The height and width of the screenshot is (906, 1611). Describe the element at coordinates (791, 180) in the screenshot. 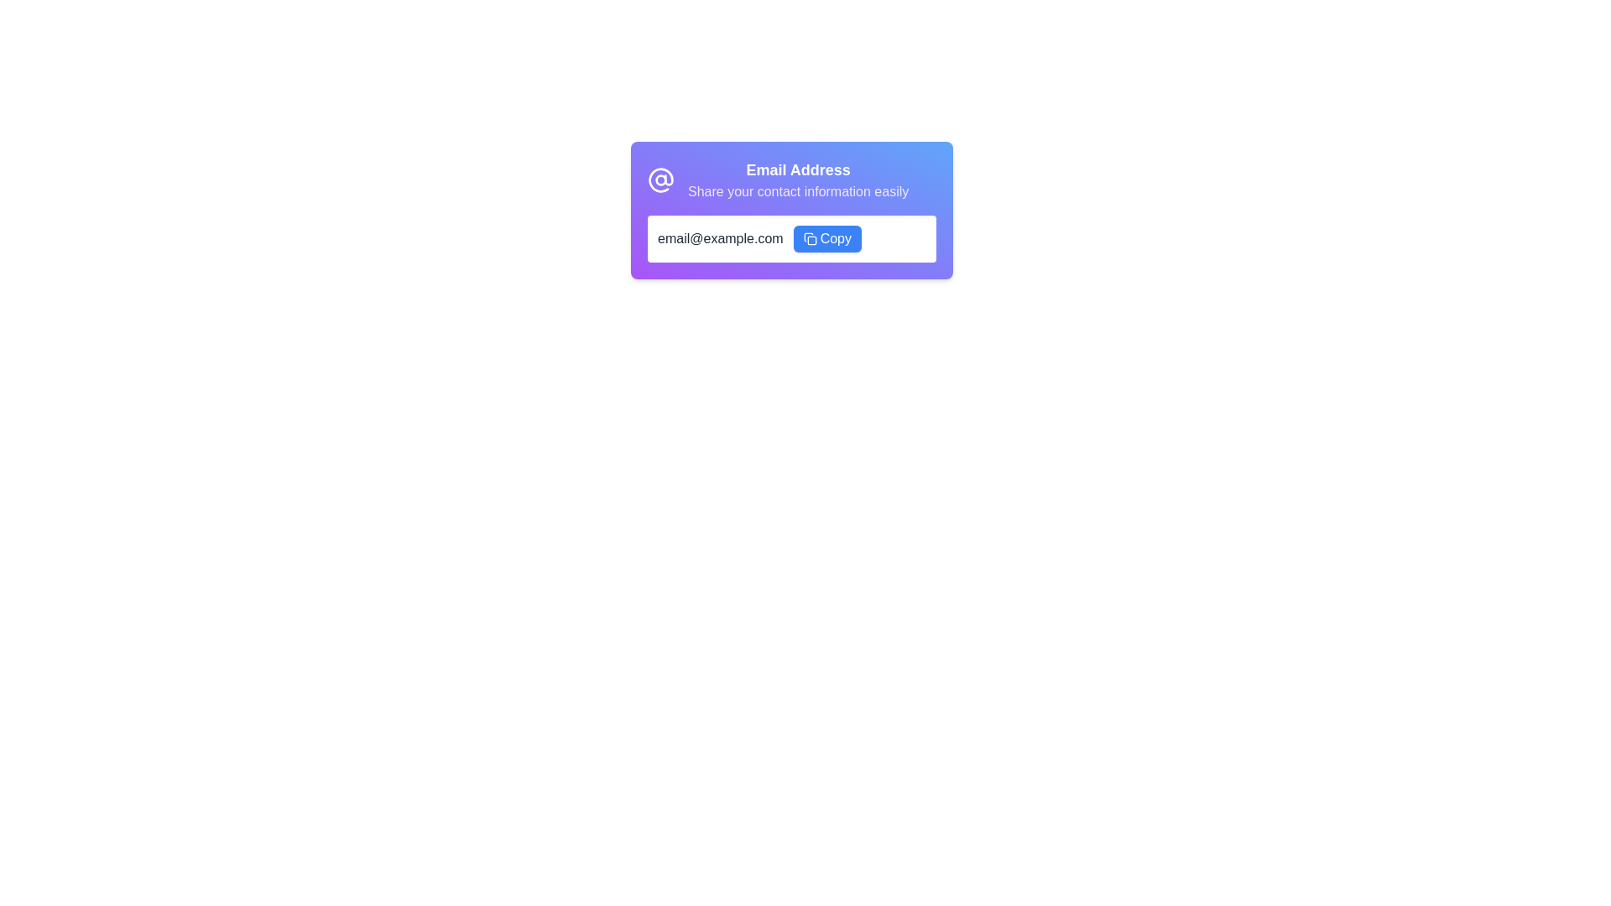

I see `the Text Block that has a purple gradient background, an '@' icon on the left, bold text 'Email Address' in white, and a smaller descriptive text 'Share your contact information easily' underneath` at that location.